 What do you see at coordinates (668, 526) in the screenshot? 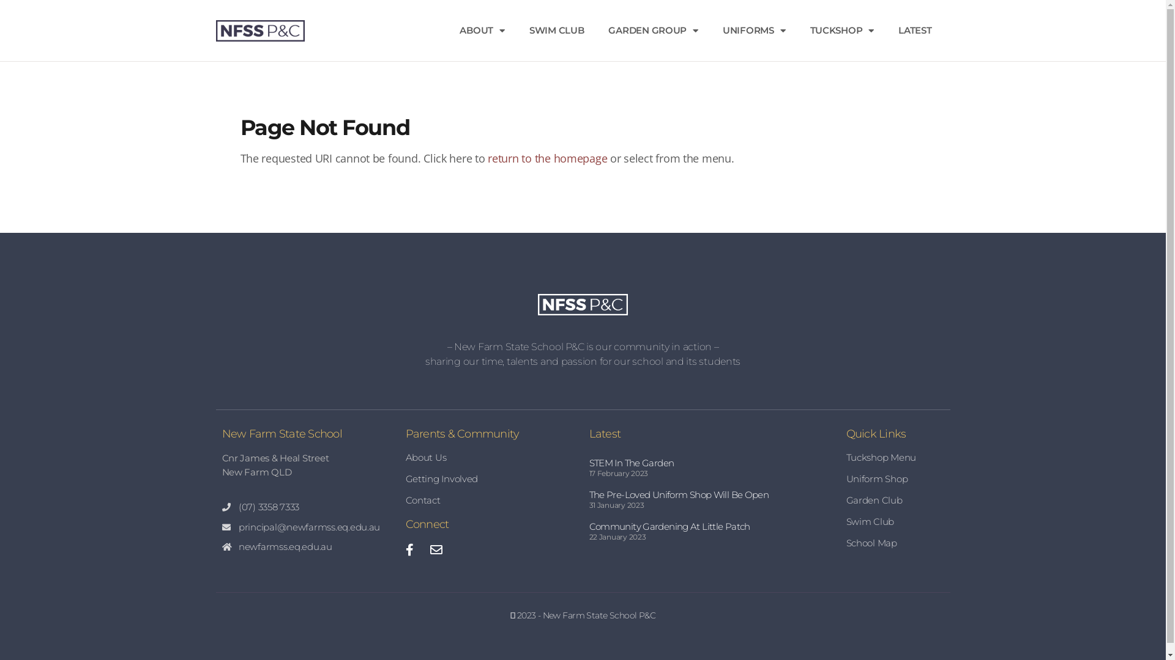
I see `'Community Gardening At Little Patch'` at bounding box center [668, 526].